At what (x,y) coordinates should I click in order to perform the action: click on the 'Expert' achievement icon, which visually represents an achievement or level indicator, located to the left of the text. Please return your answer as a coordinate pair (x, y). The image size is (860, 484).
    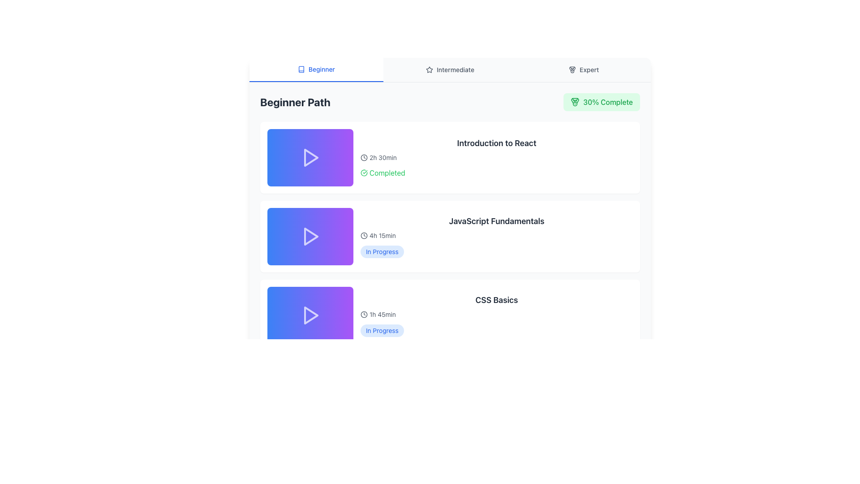
    Looking at the image, I should click on (572, 69).